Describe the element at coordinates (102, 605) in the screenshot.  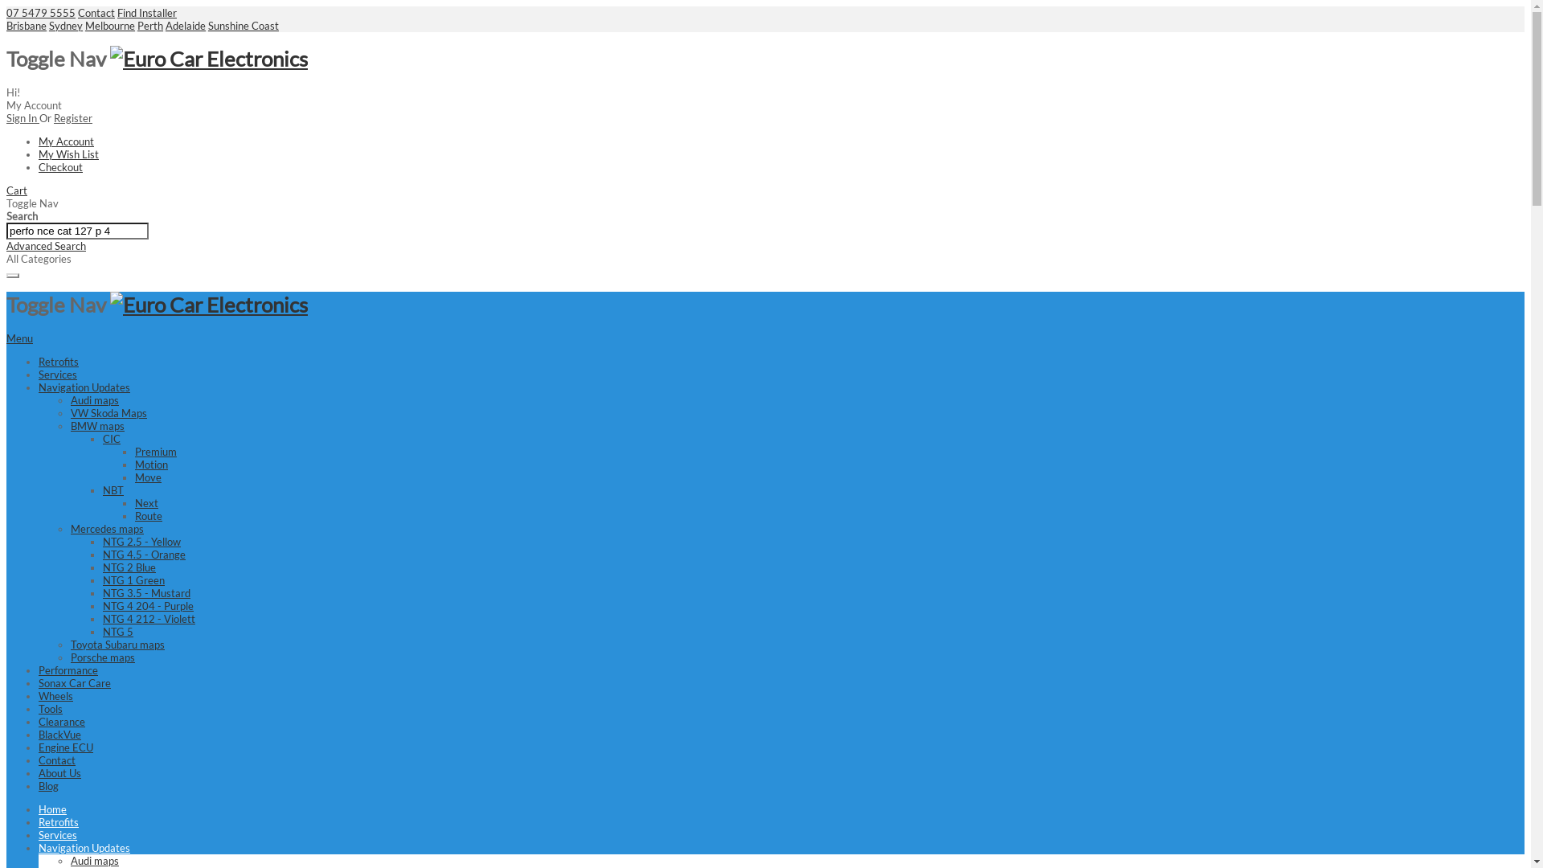
I see `'NTG 4 204 - Purple'` at that location.